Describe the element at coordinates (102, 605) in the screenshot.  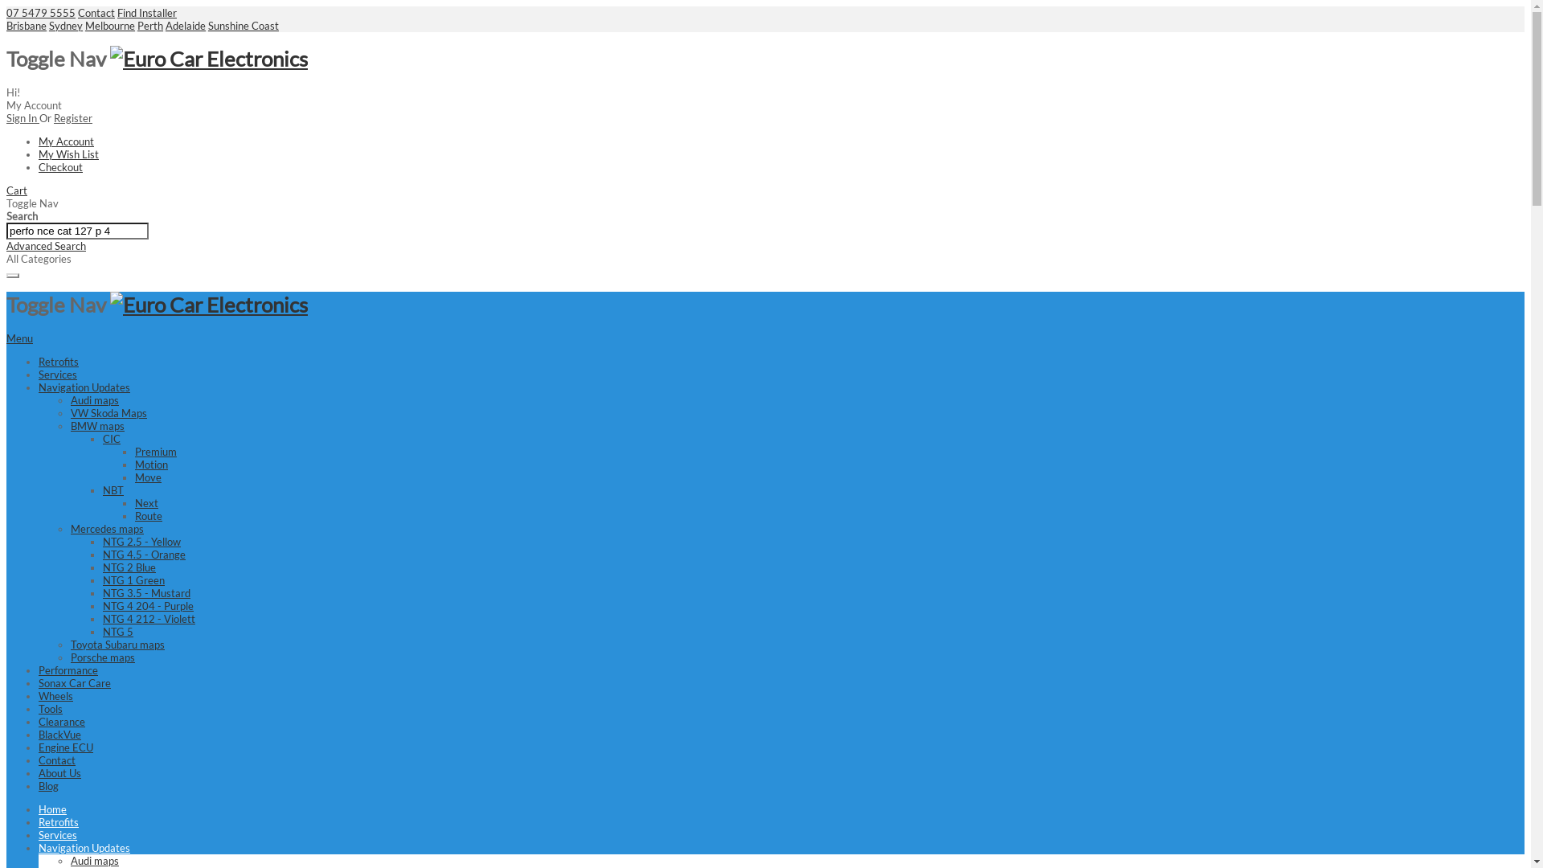
I see `'NTG 4 204 - Purple'` at that location.